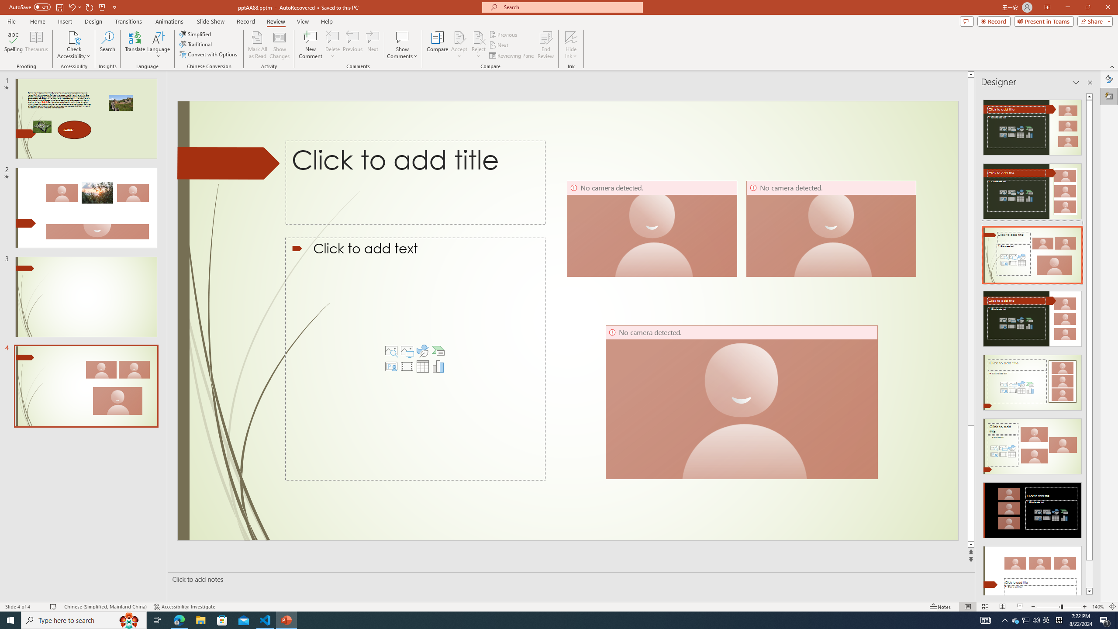 The height and width of the screenshot is (629, 1118). I want to click on 'Title TextBox', so click(441, 176).